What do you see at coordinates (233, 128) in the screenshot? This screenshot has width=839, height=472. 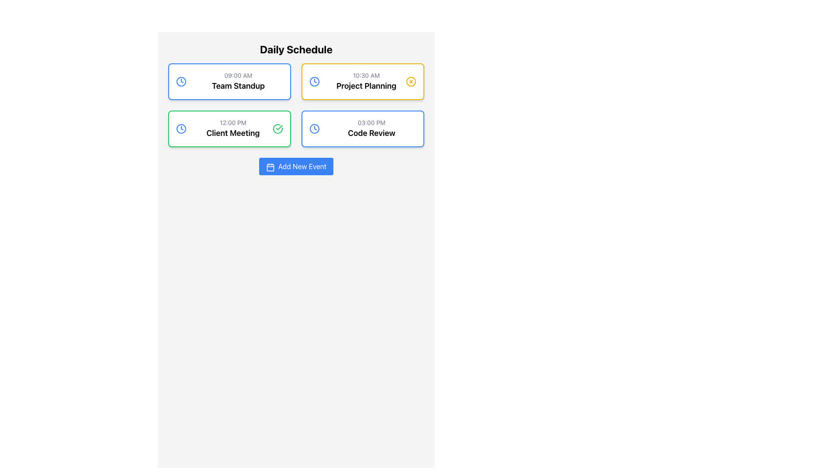 I see `the text block displaying the scheduled event for 'Daily Schedule' at 12:00 PM, located in the second row of the grid layout` at bounding box center [233, 128].